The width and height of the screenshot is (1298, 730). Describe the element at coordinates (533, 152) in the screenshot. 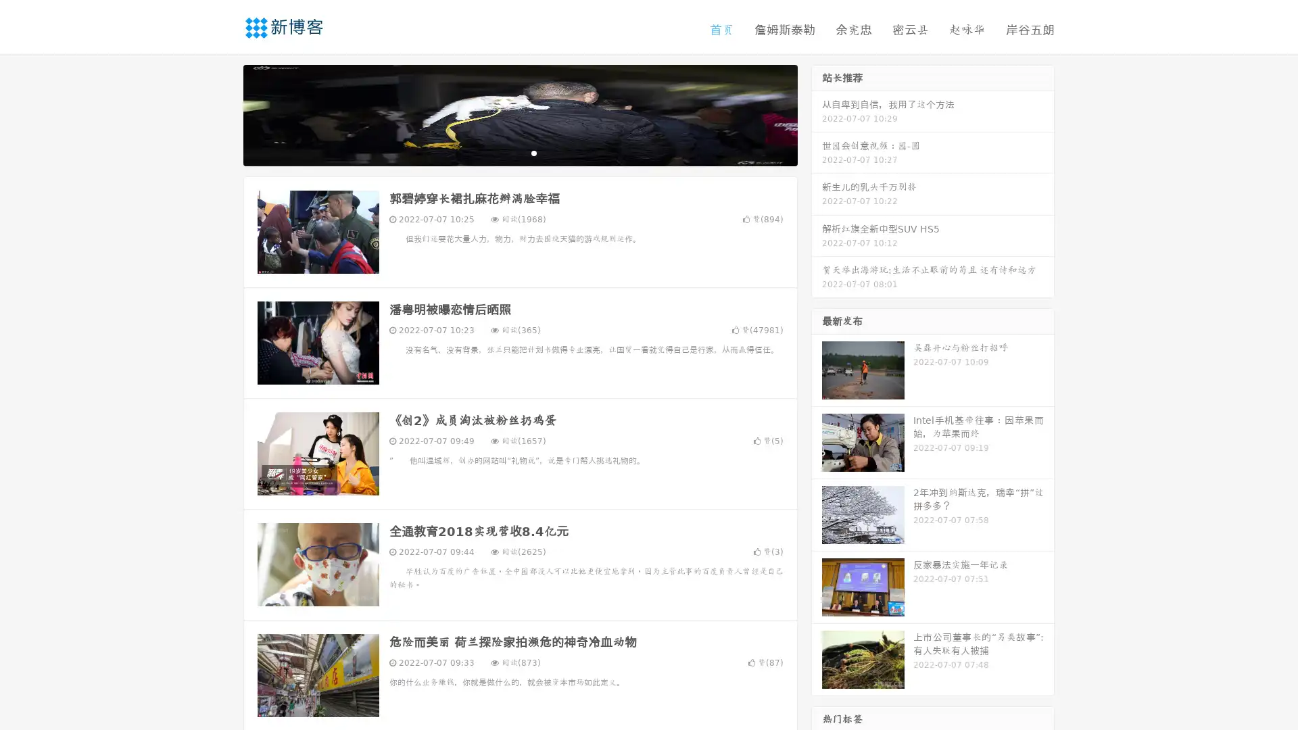

I see `Go to slide 3` at that location.